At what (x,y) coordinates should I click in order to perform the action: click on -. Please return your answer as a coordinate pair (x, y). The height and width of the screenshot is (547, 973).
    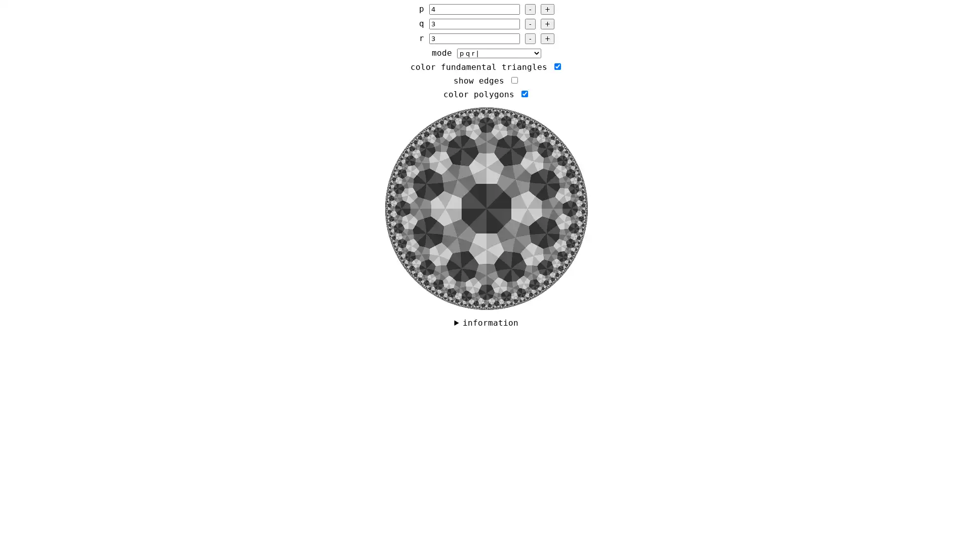
    Looking at the image, I should click on (529, 23).